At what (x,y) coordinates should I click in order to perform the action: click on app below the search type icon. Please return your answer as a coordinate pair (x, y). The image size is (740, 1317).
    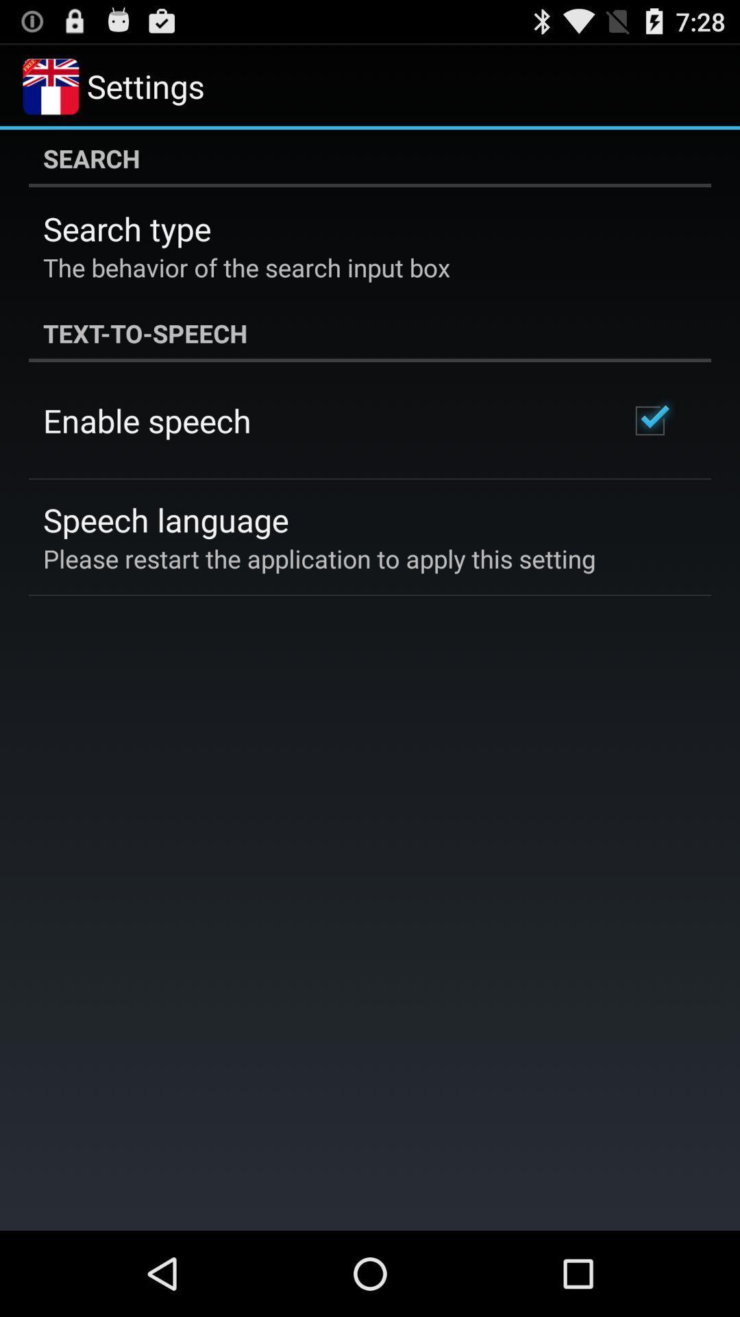
    Looking at the image, I should click on (245, 267).